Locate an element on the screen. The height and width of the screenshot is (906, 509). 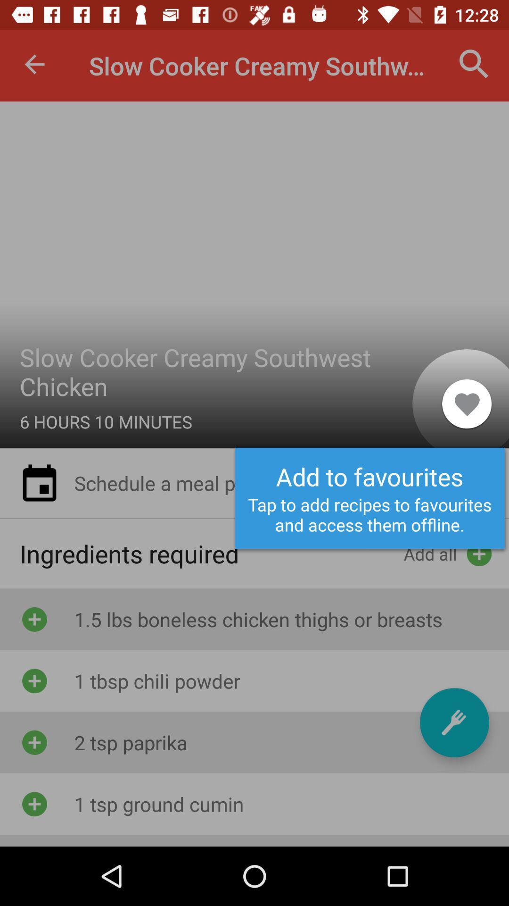
the edit icon is located at coordinates (454, 722).